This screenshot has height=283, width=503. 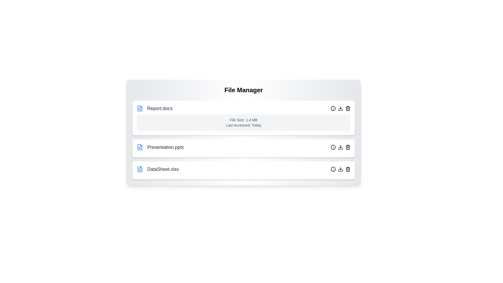 What do you see at coordinates (341, 169) in the screenshot?
I see `the download button for the file DataSheet.xlsx` at bounding box center [341, 169].